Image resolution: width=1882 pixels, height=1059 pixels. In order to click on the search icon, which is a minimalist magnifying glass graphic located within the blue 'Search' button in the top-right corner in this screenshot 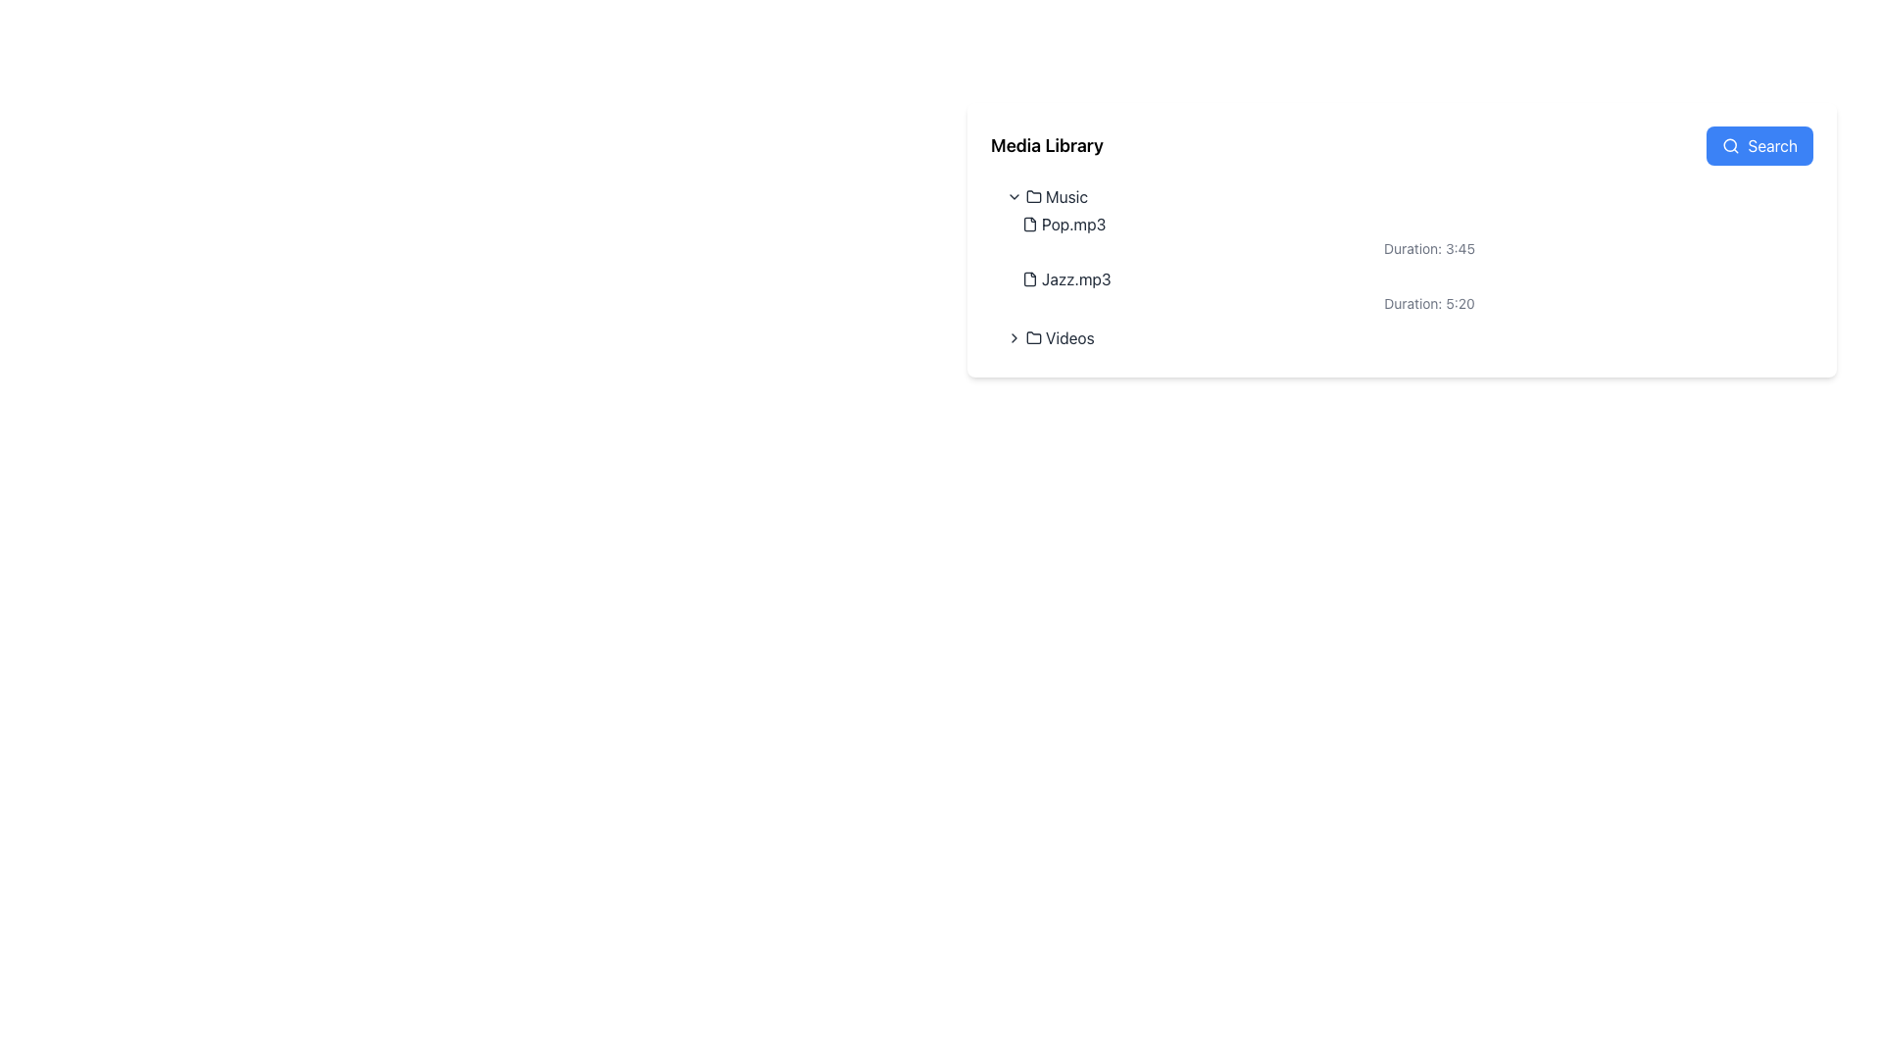, I will do `click(1731, 145)`.